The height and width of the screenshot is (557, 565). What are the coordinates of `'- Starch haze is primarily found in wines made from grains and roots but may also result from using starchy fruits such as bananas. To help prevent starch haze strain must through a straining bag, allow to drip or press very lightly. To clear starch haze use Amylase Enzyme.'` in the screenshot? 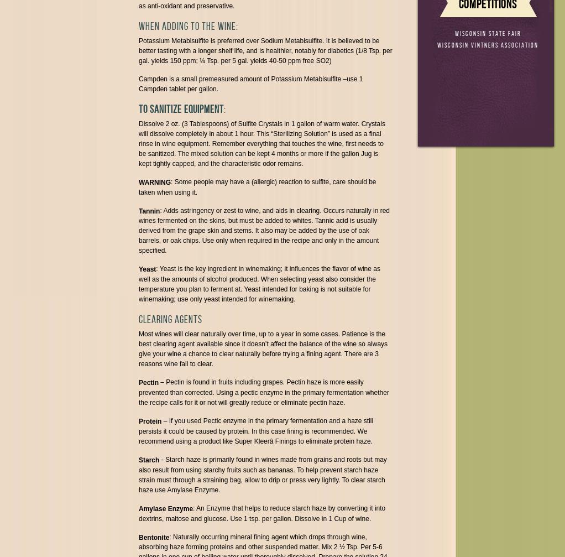 It's located at (262, 473).